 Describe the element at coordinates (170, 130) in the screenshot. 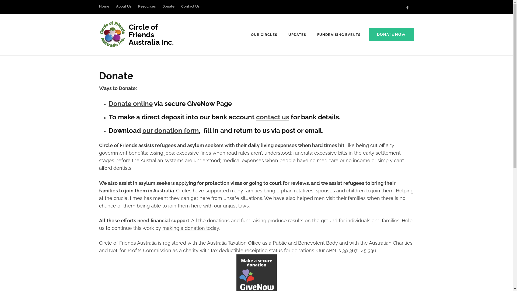

I see `'our donation form'` at that location.